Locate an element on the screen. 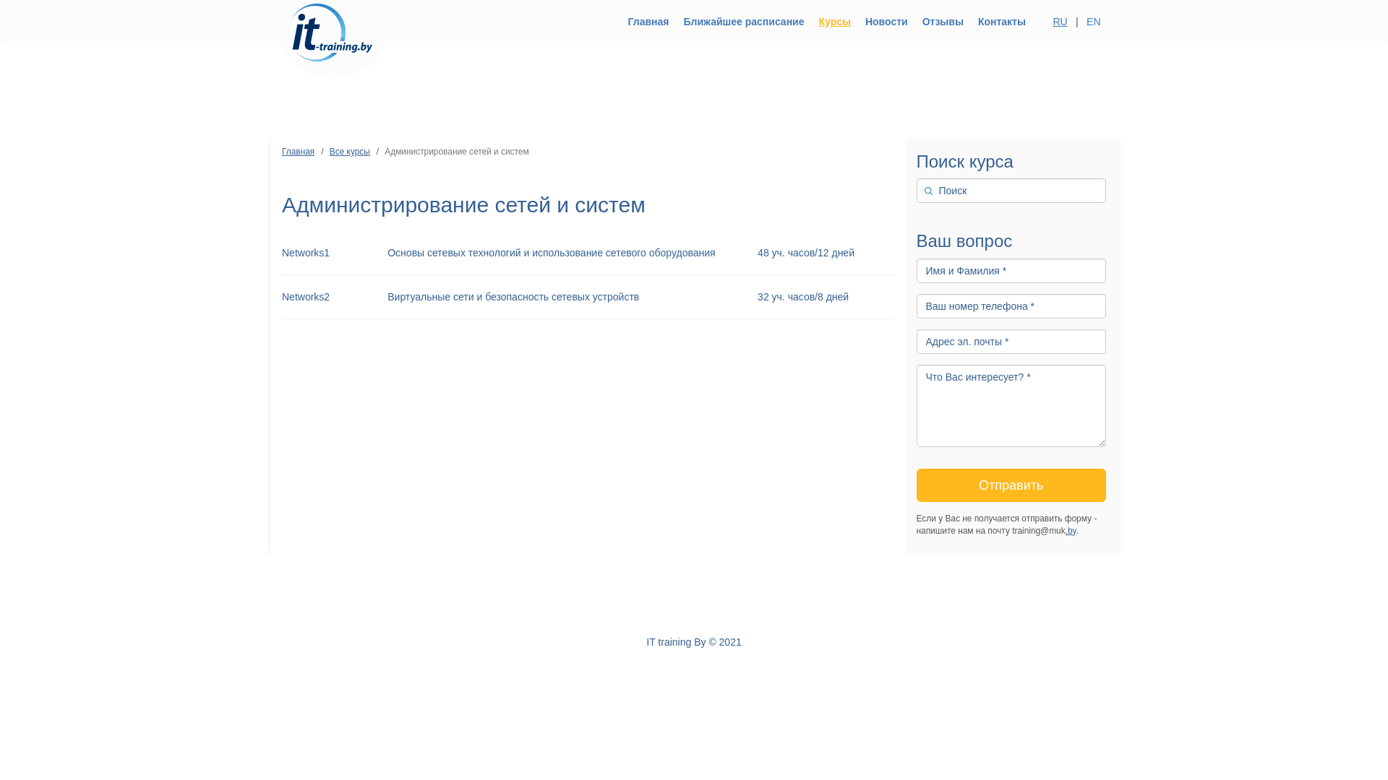  'it-training.by' is located at coordinates (332, 22).